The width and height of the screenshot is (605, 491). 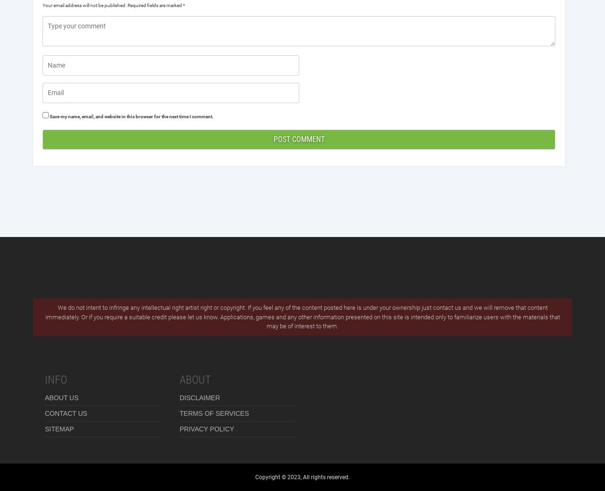 I want to click on 'Save my name, email, and website in this browser for the next time I comment.', so click(x=131, y=116).